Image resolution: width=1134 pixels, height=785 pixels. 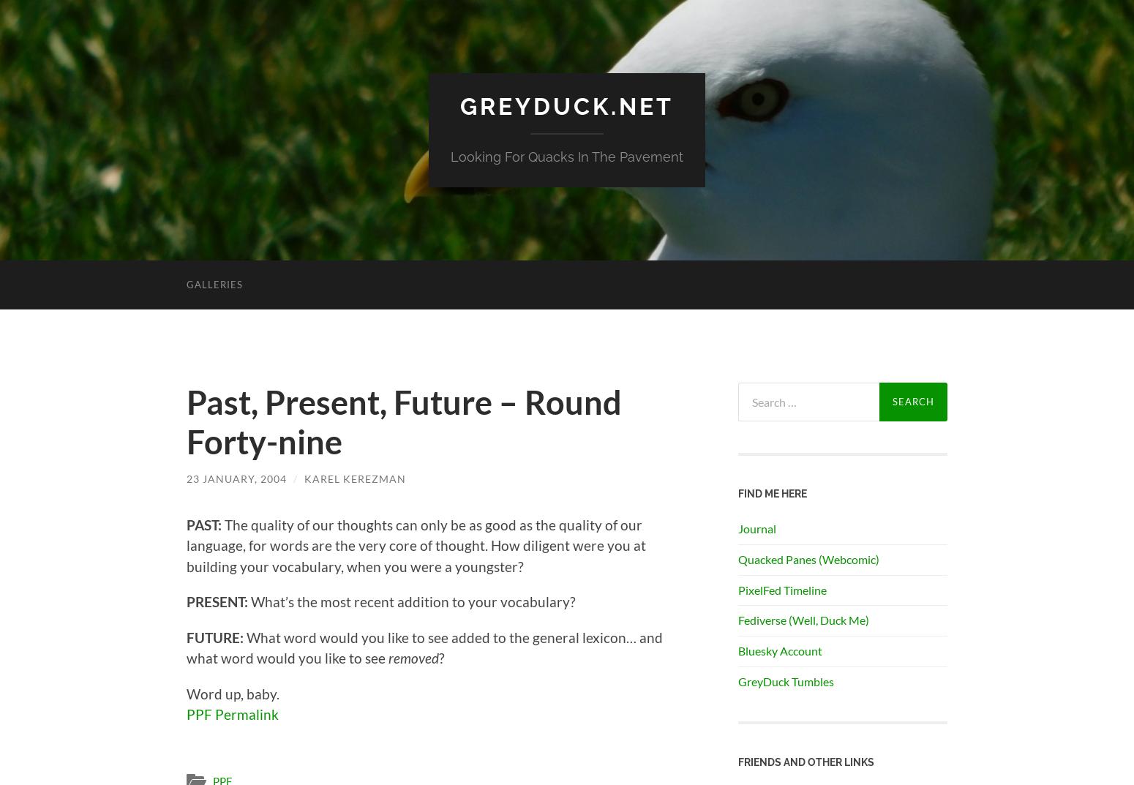 I want to click on 'Find Me Here', so click(x=773, y=492).